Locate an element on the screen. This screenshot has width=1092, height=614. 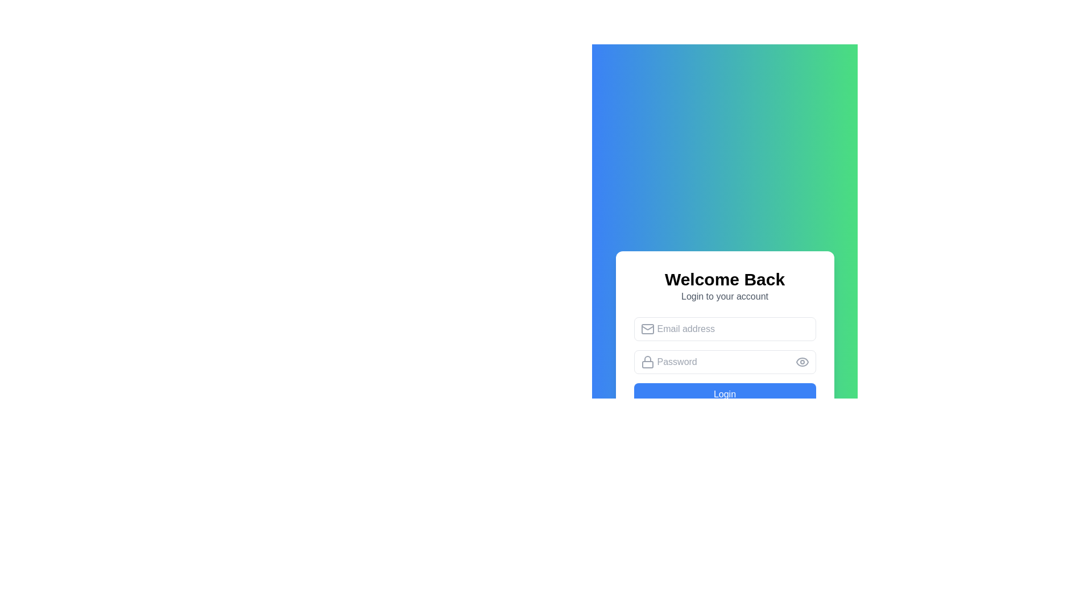
the padlock icon element that symbolizes a secure password field, located towards the left side of the password text input field is located at coordinates (647, 364).